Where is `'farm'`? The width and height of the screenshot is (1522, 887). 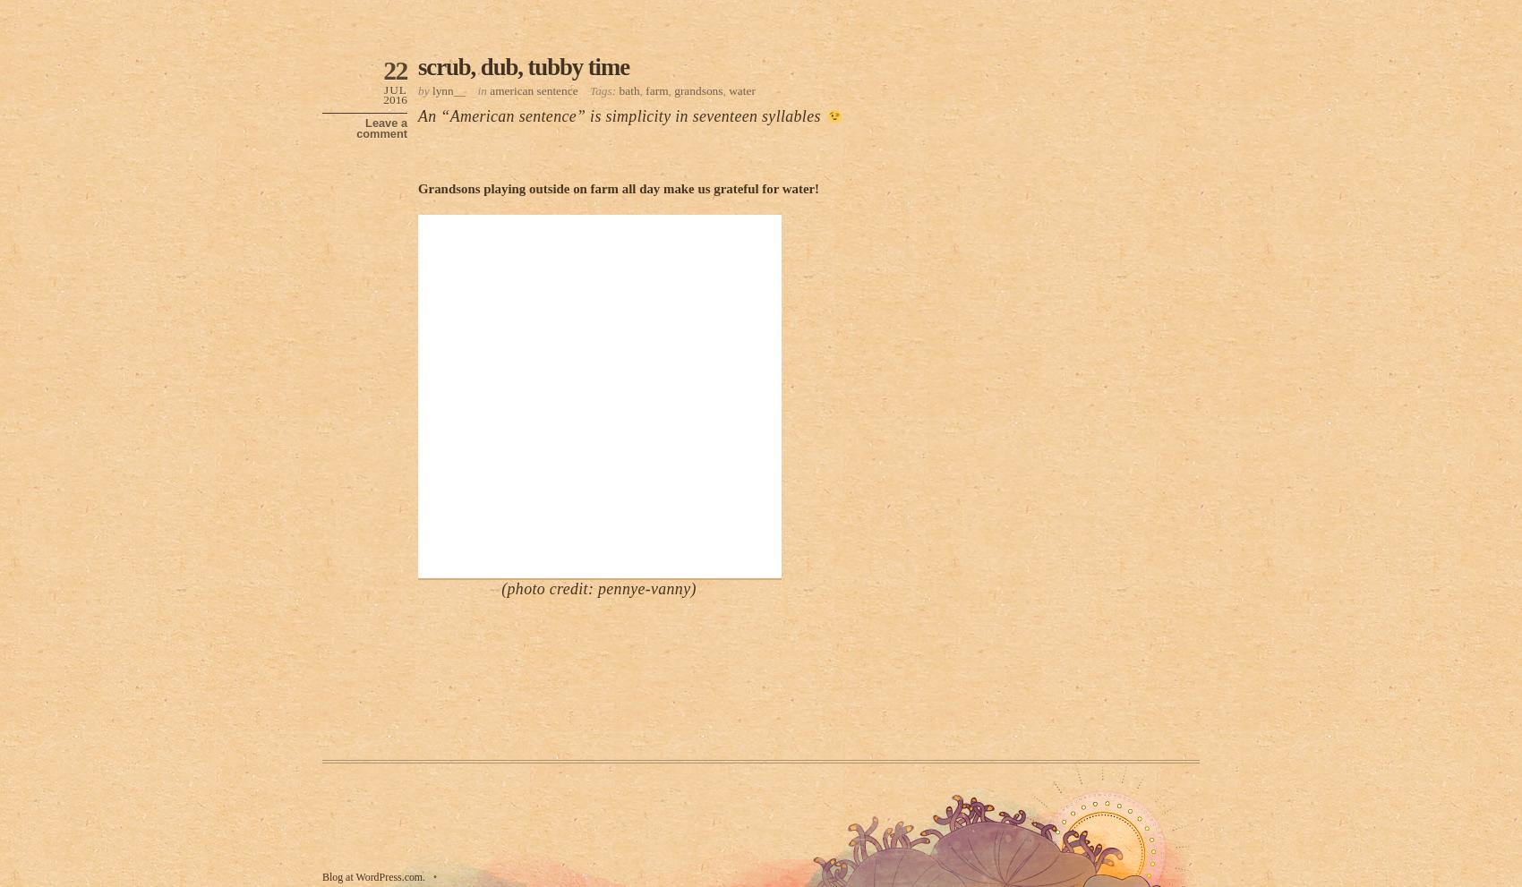
'farm' is located at coordinates (645, 89).